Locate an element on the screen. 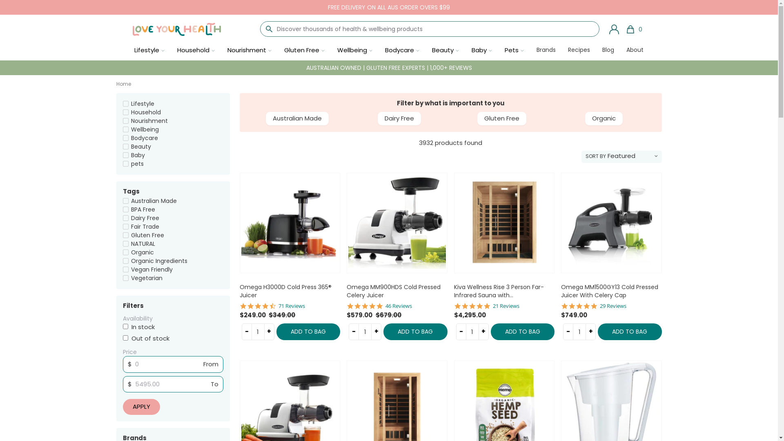 This screenshot has width=784, height=441. 'Bodycare' is located at coordinates (145, 138).